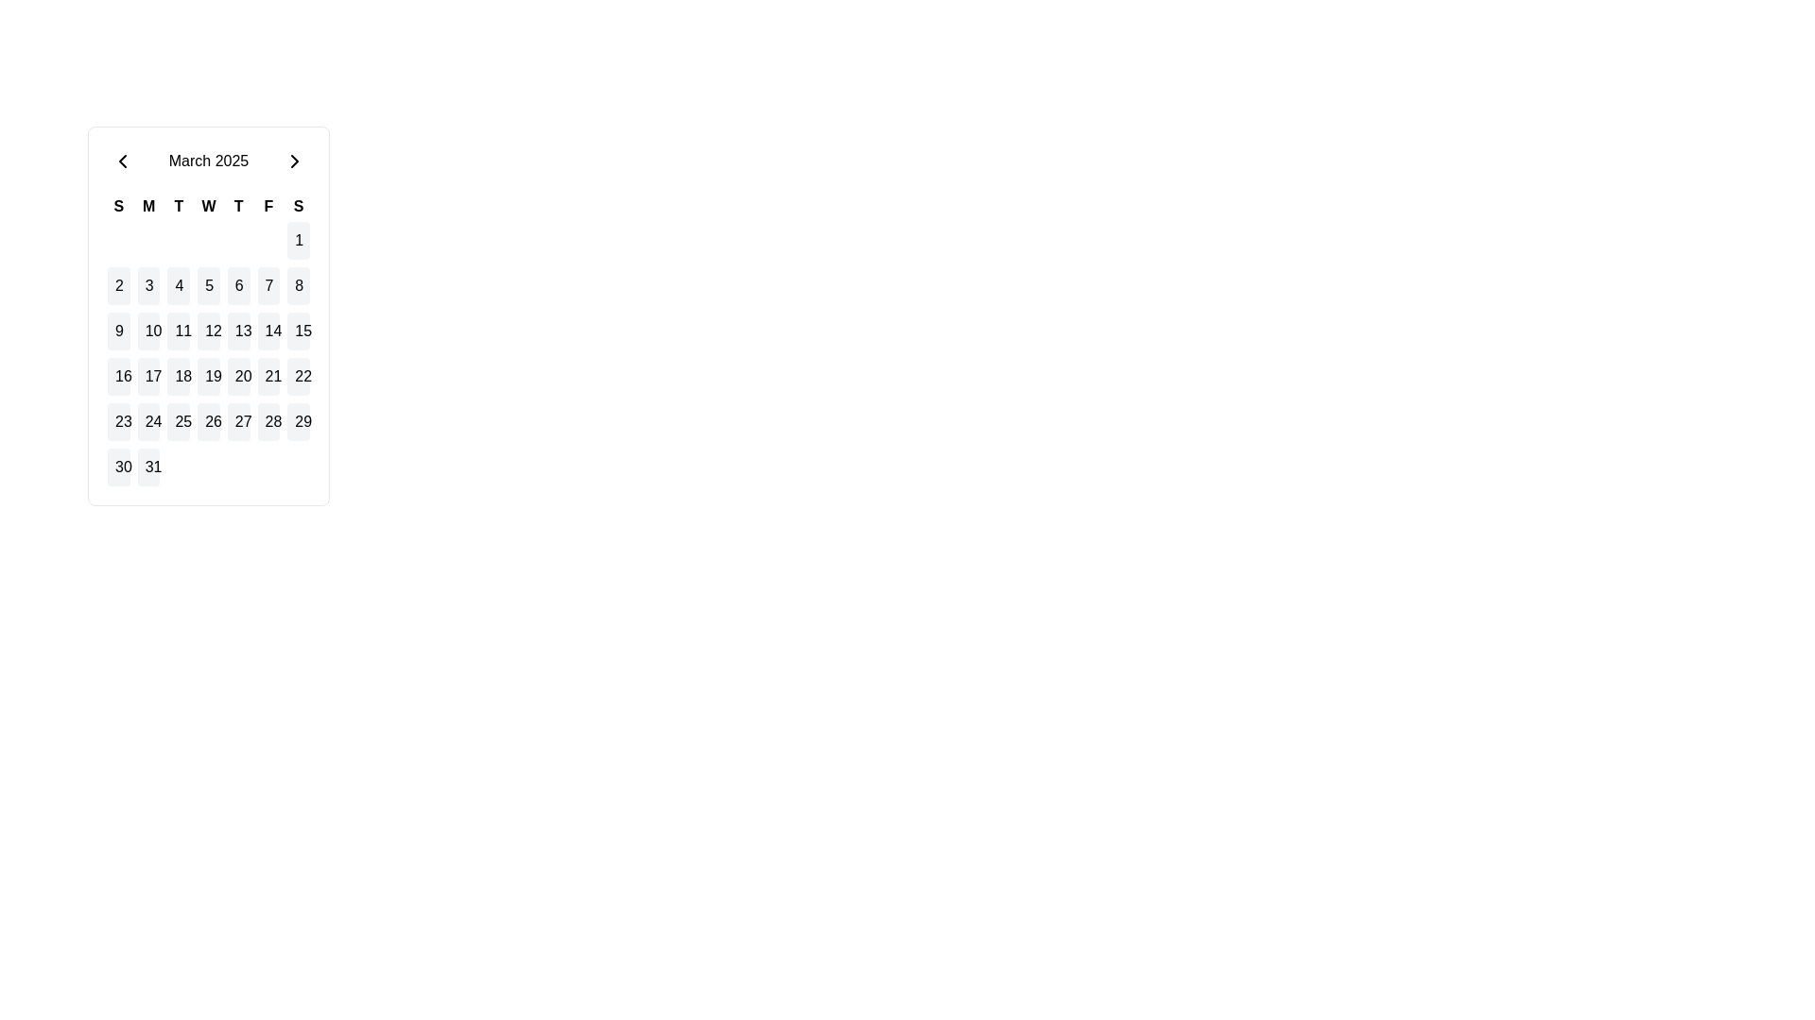  I want to click on the interactive calendar date picker button for the 7th day of the month located in the second week row and seventh column of the calendar interface, so click(268, 286).